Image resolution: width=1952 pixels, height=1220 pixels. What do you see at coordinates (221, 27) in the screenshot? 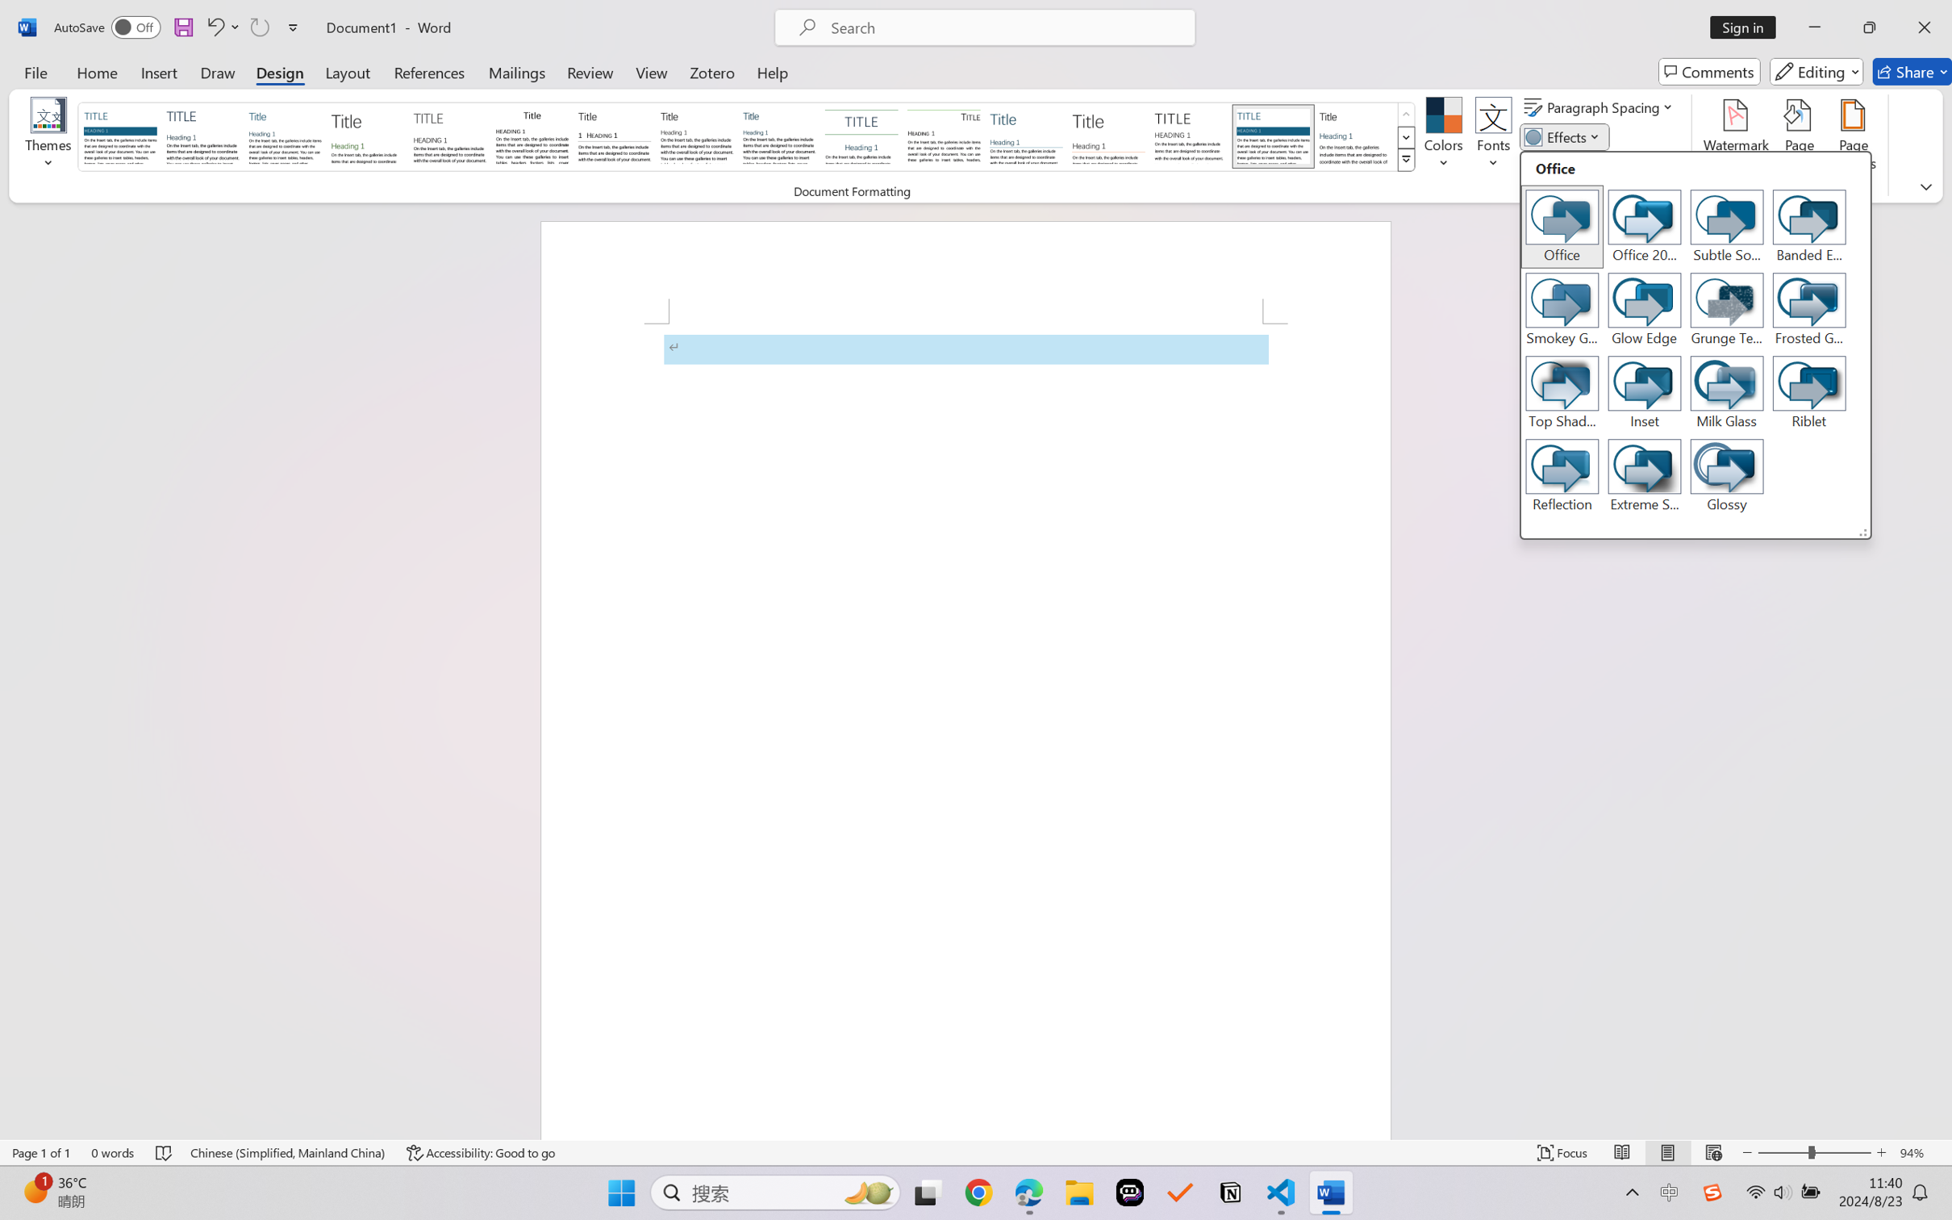
I see `'Undo Apply Quick Style'` at bounding box center [221, 27].